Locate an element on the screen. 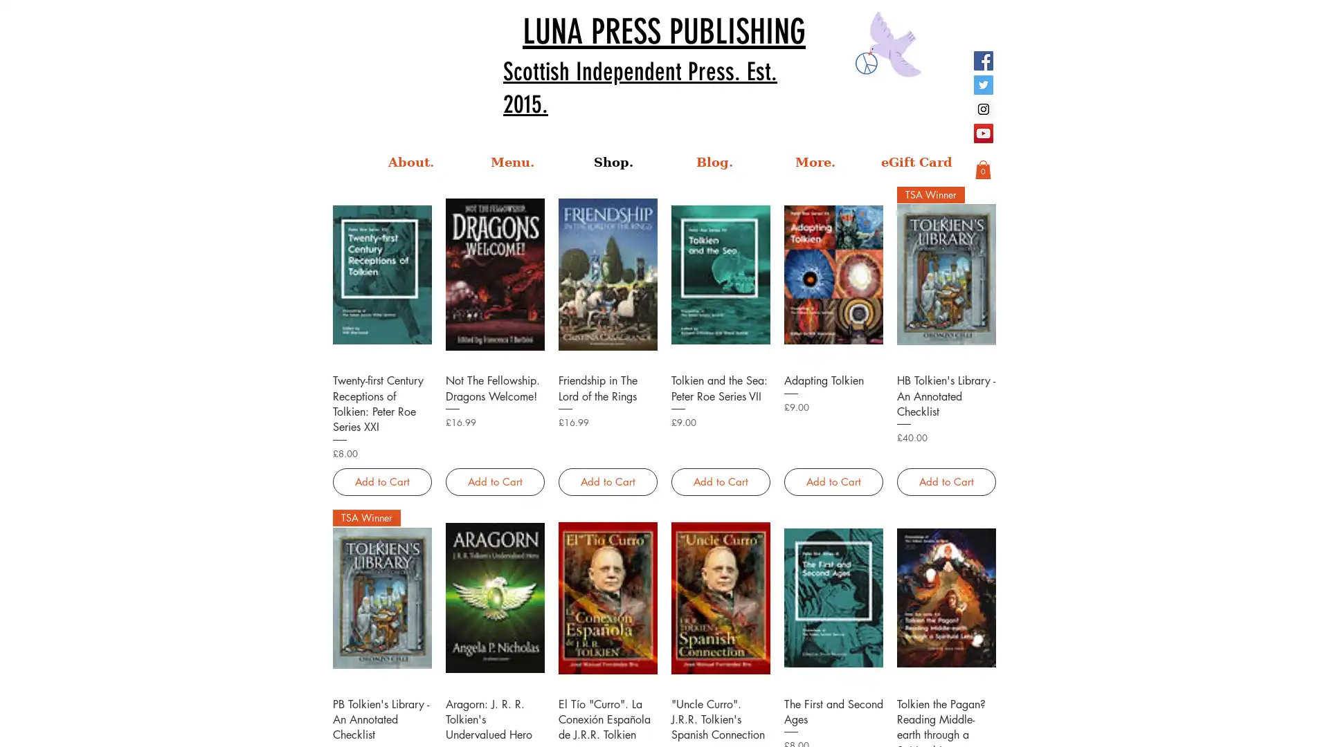 This screenshot has height=747, width=1329. Add to Cart is located at coordinates (720, 481).